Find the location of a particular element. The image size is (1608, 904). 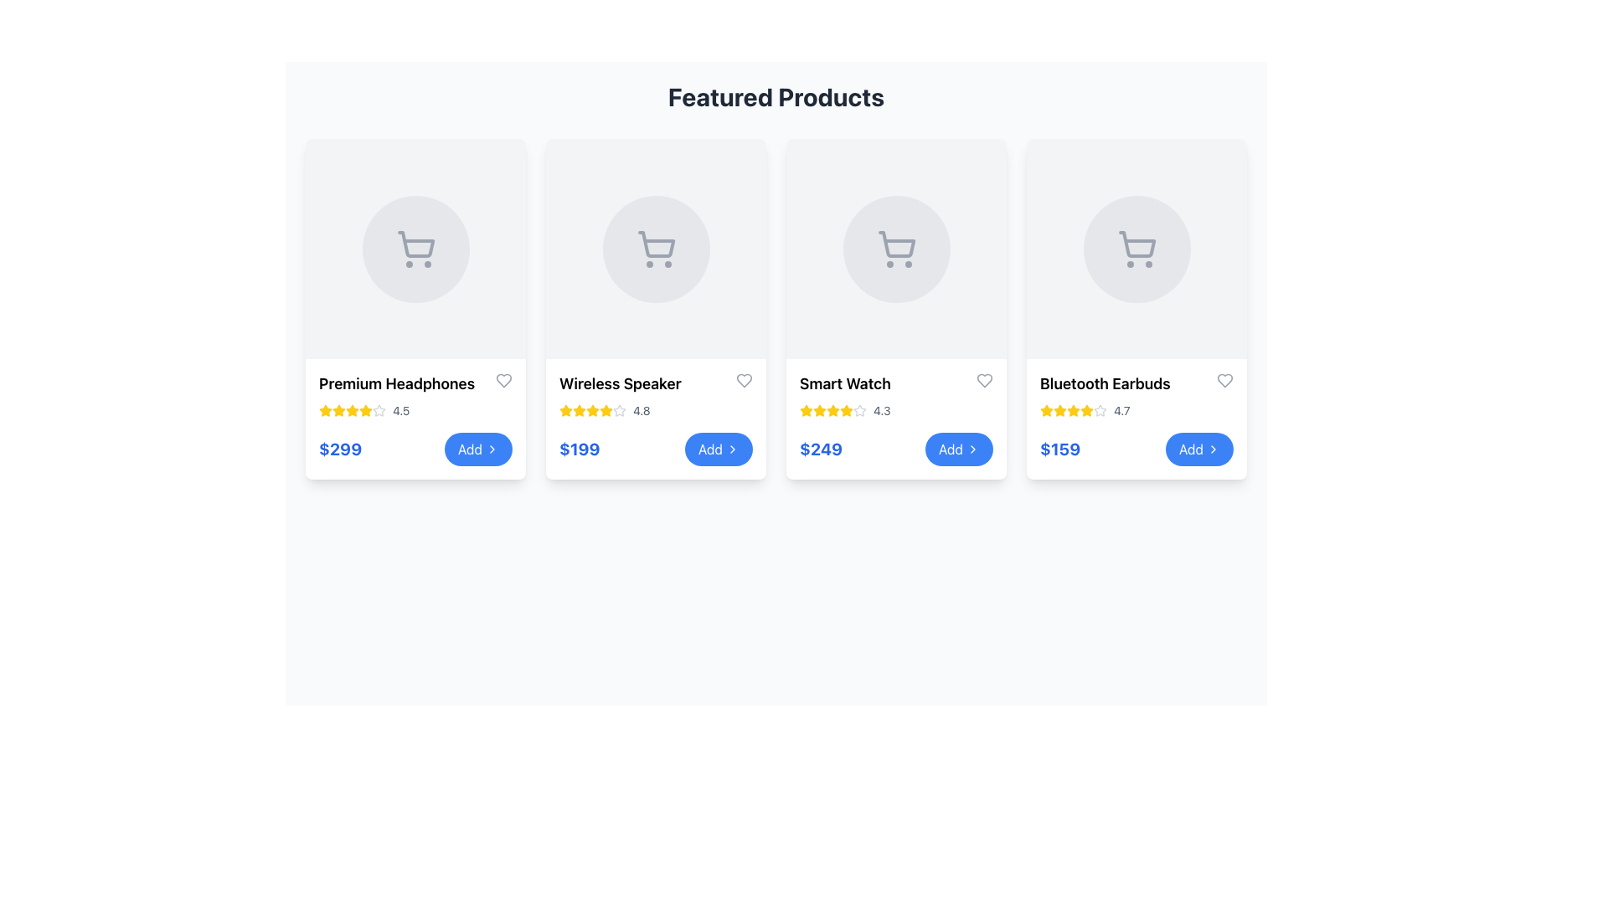

the shopping-related icon located at the top central part of the 'Wireless Speaker' card, which is the second card in the row of featured products is located at coordinates (655, 249).